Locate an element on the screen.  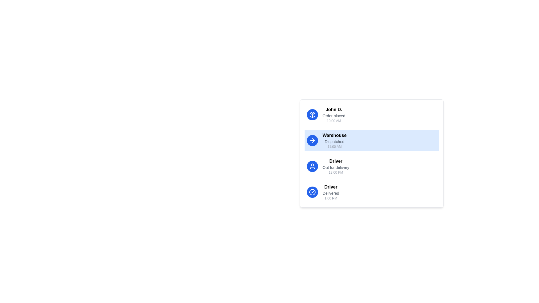
the 'Warehouse' stage icon located to the left of the 'Warehouse - Dispatched' text in the highlighted status row of the timeline is located at coordinates (312, 114).